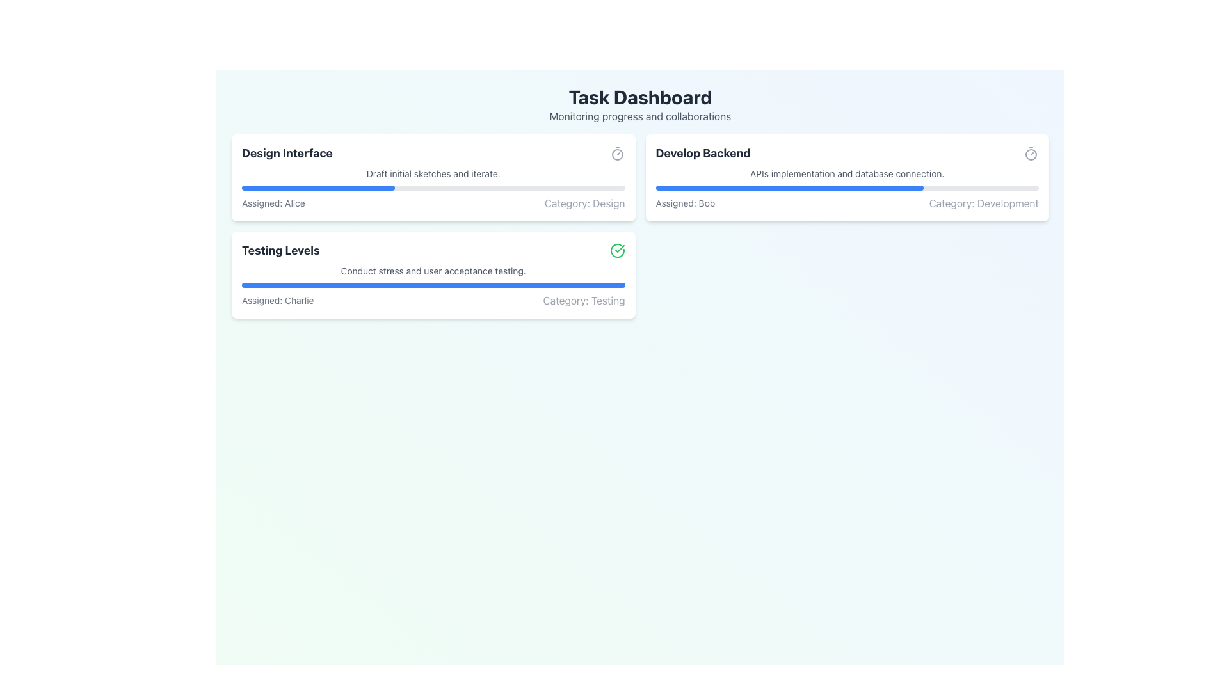  Describe the element at coordinates (1031, 154) in the screenshot. I see `the decorative SVG Circle that is part of the timer/clock icon located in the top-right corner of the 'Develop Backend' task card in the Task Dashboard` at that location.